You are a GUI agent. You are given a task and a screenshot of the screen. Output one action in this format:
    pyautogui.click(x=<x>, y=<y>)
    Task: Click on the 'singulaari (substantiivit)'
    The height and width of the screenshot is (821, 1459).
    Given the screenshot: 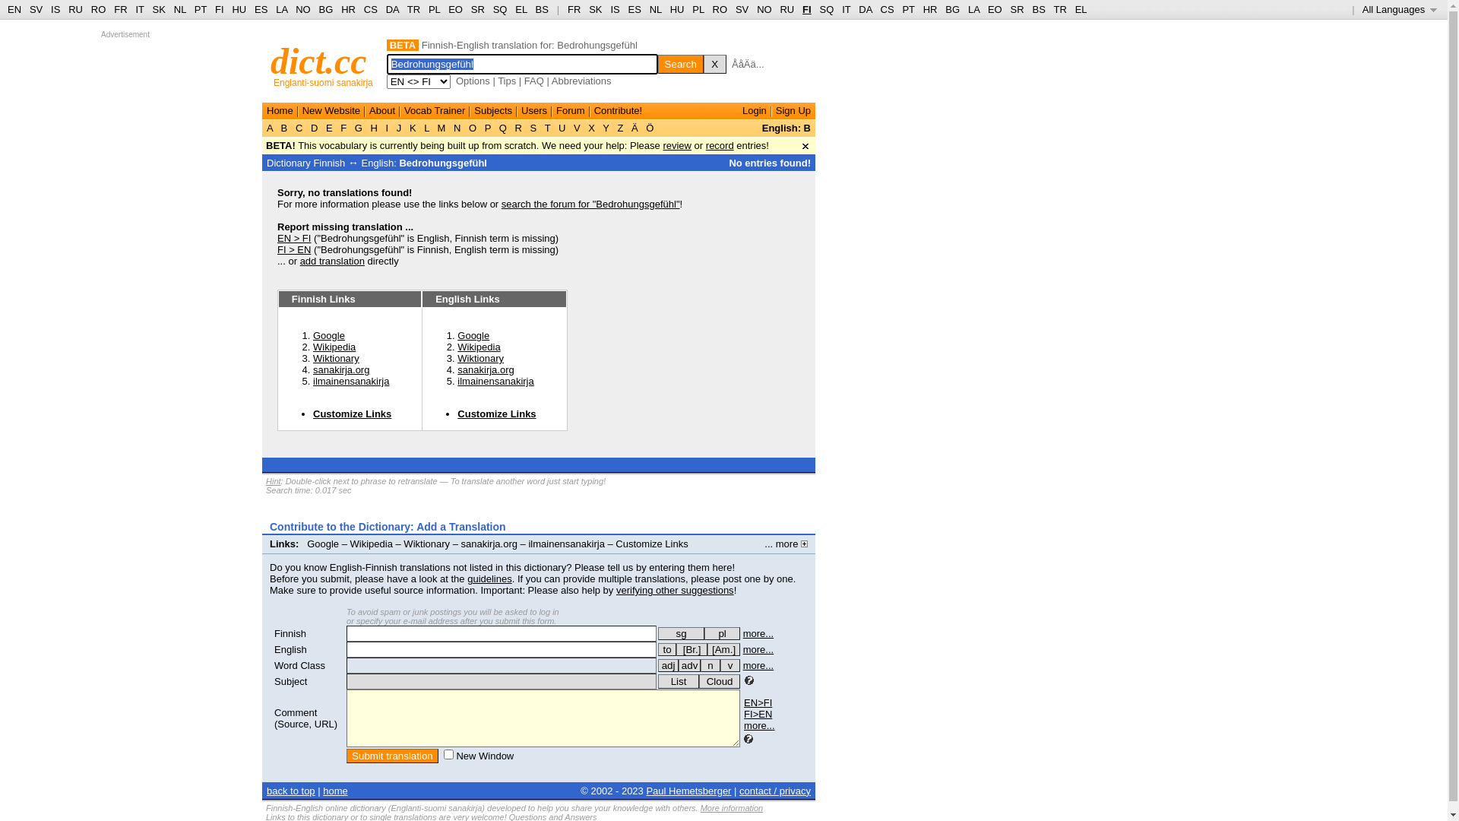 What is the action you would take?
    pyautogui.click(x=680, y=633)
    